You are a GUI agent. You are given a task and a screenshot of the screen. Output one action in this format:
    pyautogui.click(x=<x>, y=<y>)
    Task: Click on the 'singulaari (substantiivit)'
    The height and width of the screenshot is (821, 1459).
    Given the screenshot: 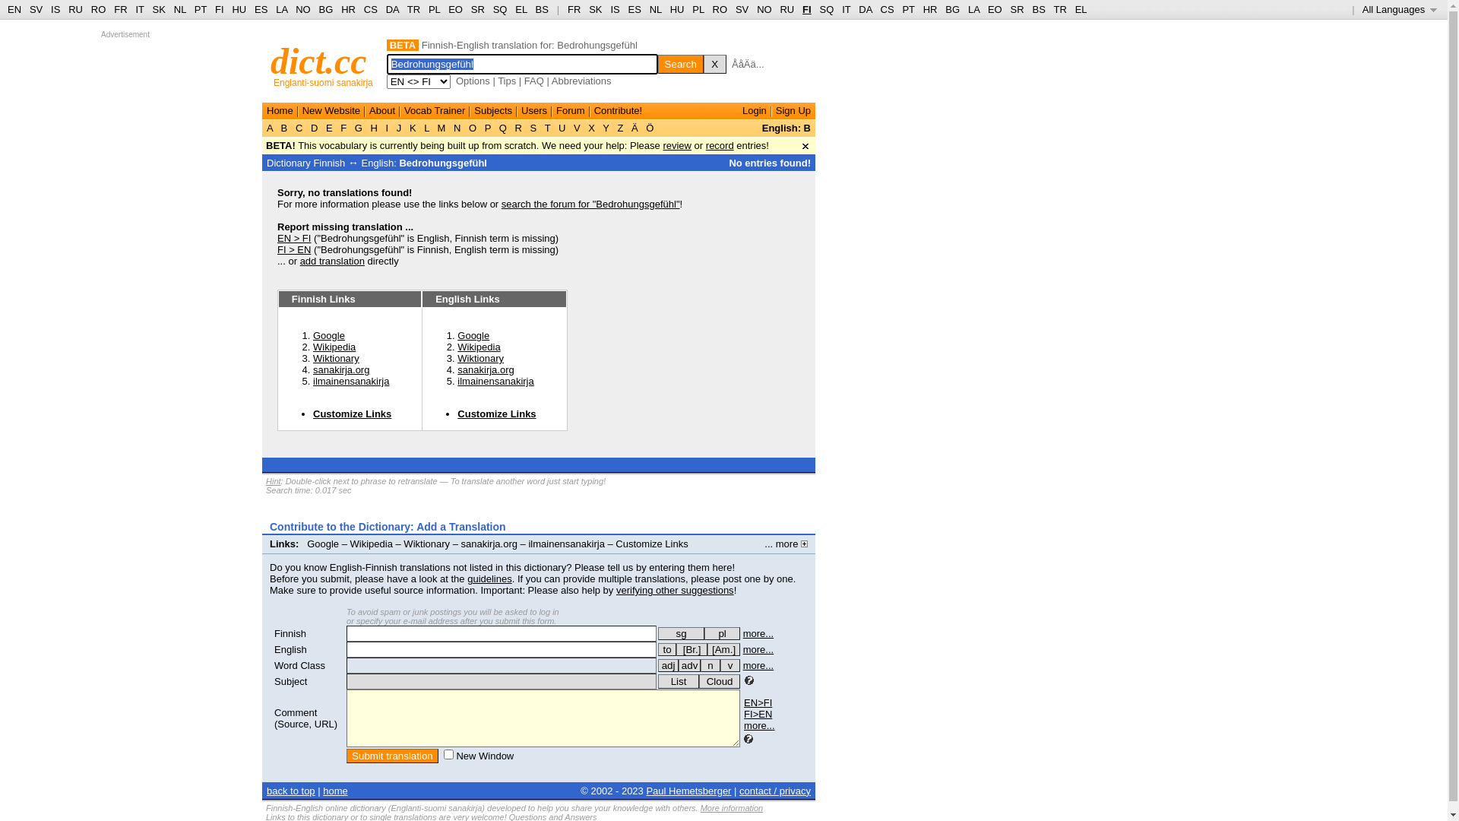 What is the action you would take?
    pyautogui.click(x=680, y=633)
    